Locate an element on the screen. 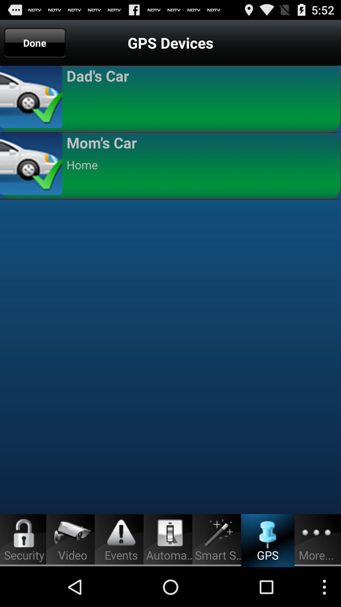  app next to gps devices item is located at coordinates (35, 42).